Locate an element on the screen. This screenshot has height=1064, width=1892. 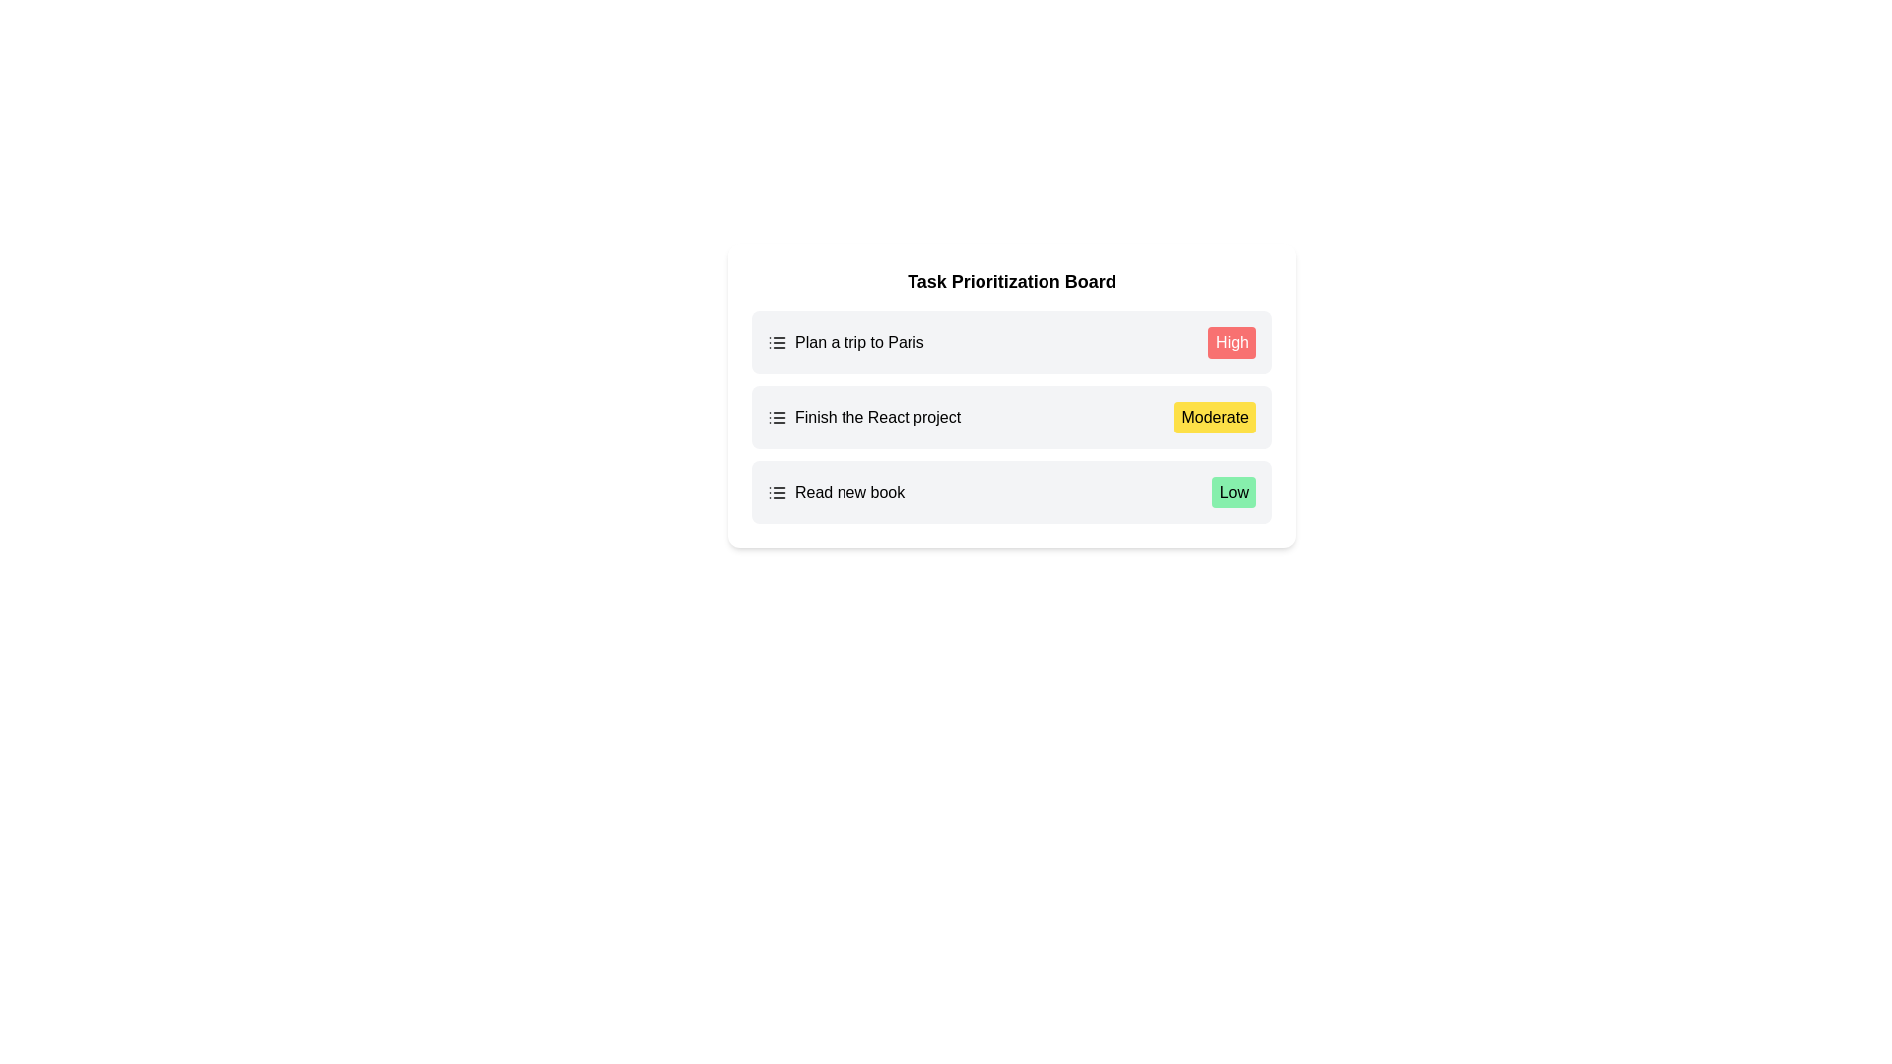
the second task item is located at coordinates (1012, 417).